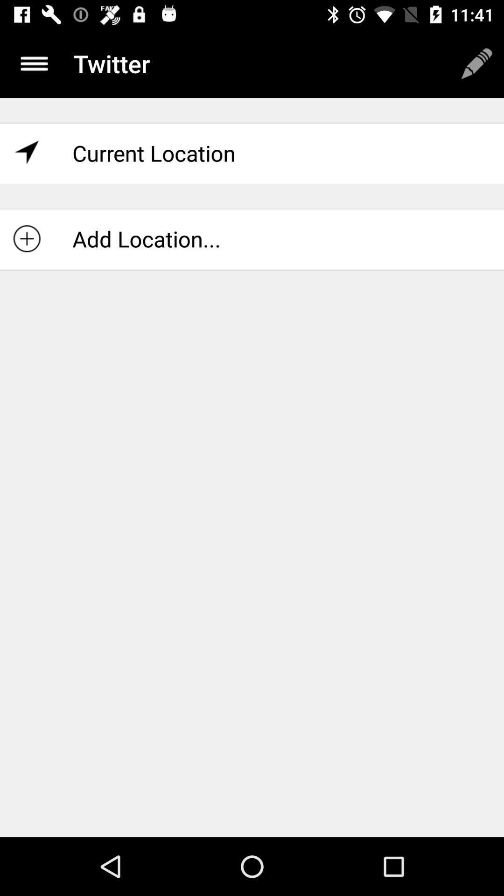  I want to click on the item next to twitter item, so click(476, 63).